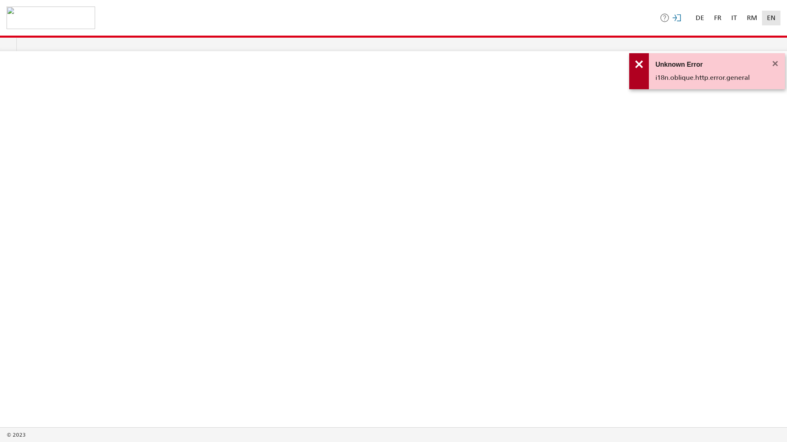 The height and width of the screenshot is (442, 787). Describe the element at coordinates (717, 18) in the screenshot. I see `'FR'` at that location.